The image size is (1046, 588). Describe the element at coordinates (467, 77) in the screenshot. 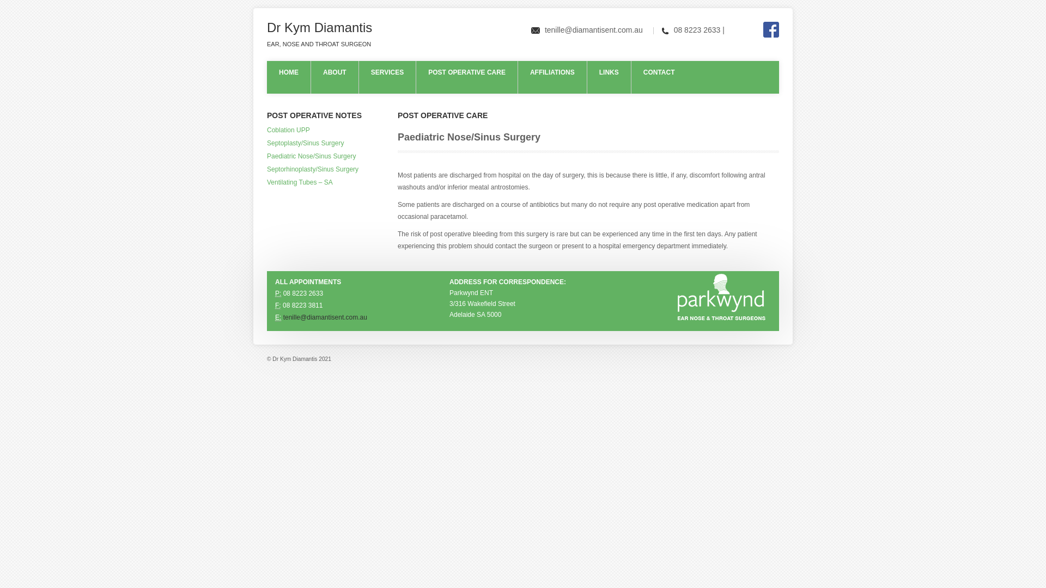

I see `'POST OPERATIVE CARE'` at that location.